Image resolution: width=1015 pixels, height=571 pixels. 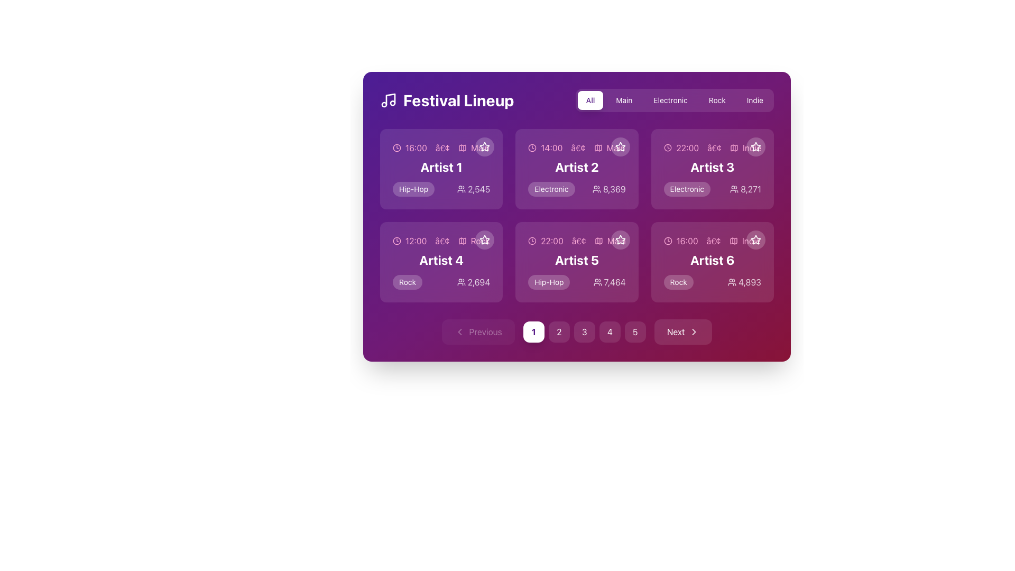 What do you see at coordinates (459, 331) in the screenshot?
I see `the leftward-pointing chevron icon, which is part of the 'Previous' navigation button at the bottom-left corner of the interface` at bounding box center [459, 331].